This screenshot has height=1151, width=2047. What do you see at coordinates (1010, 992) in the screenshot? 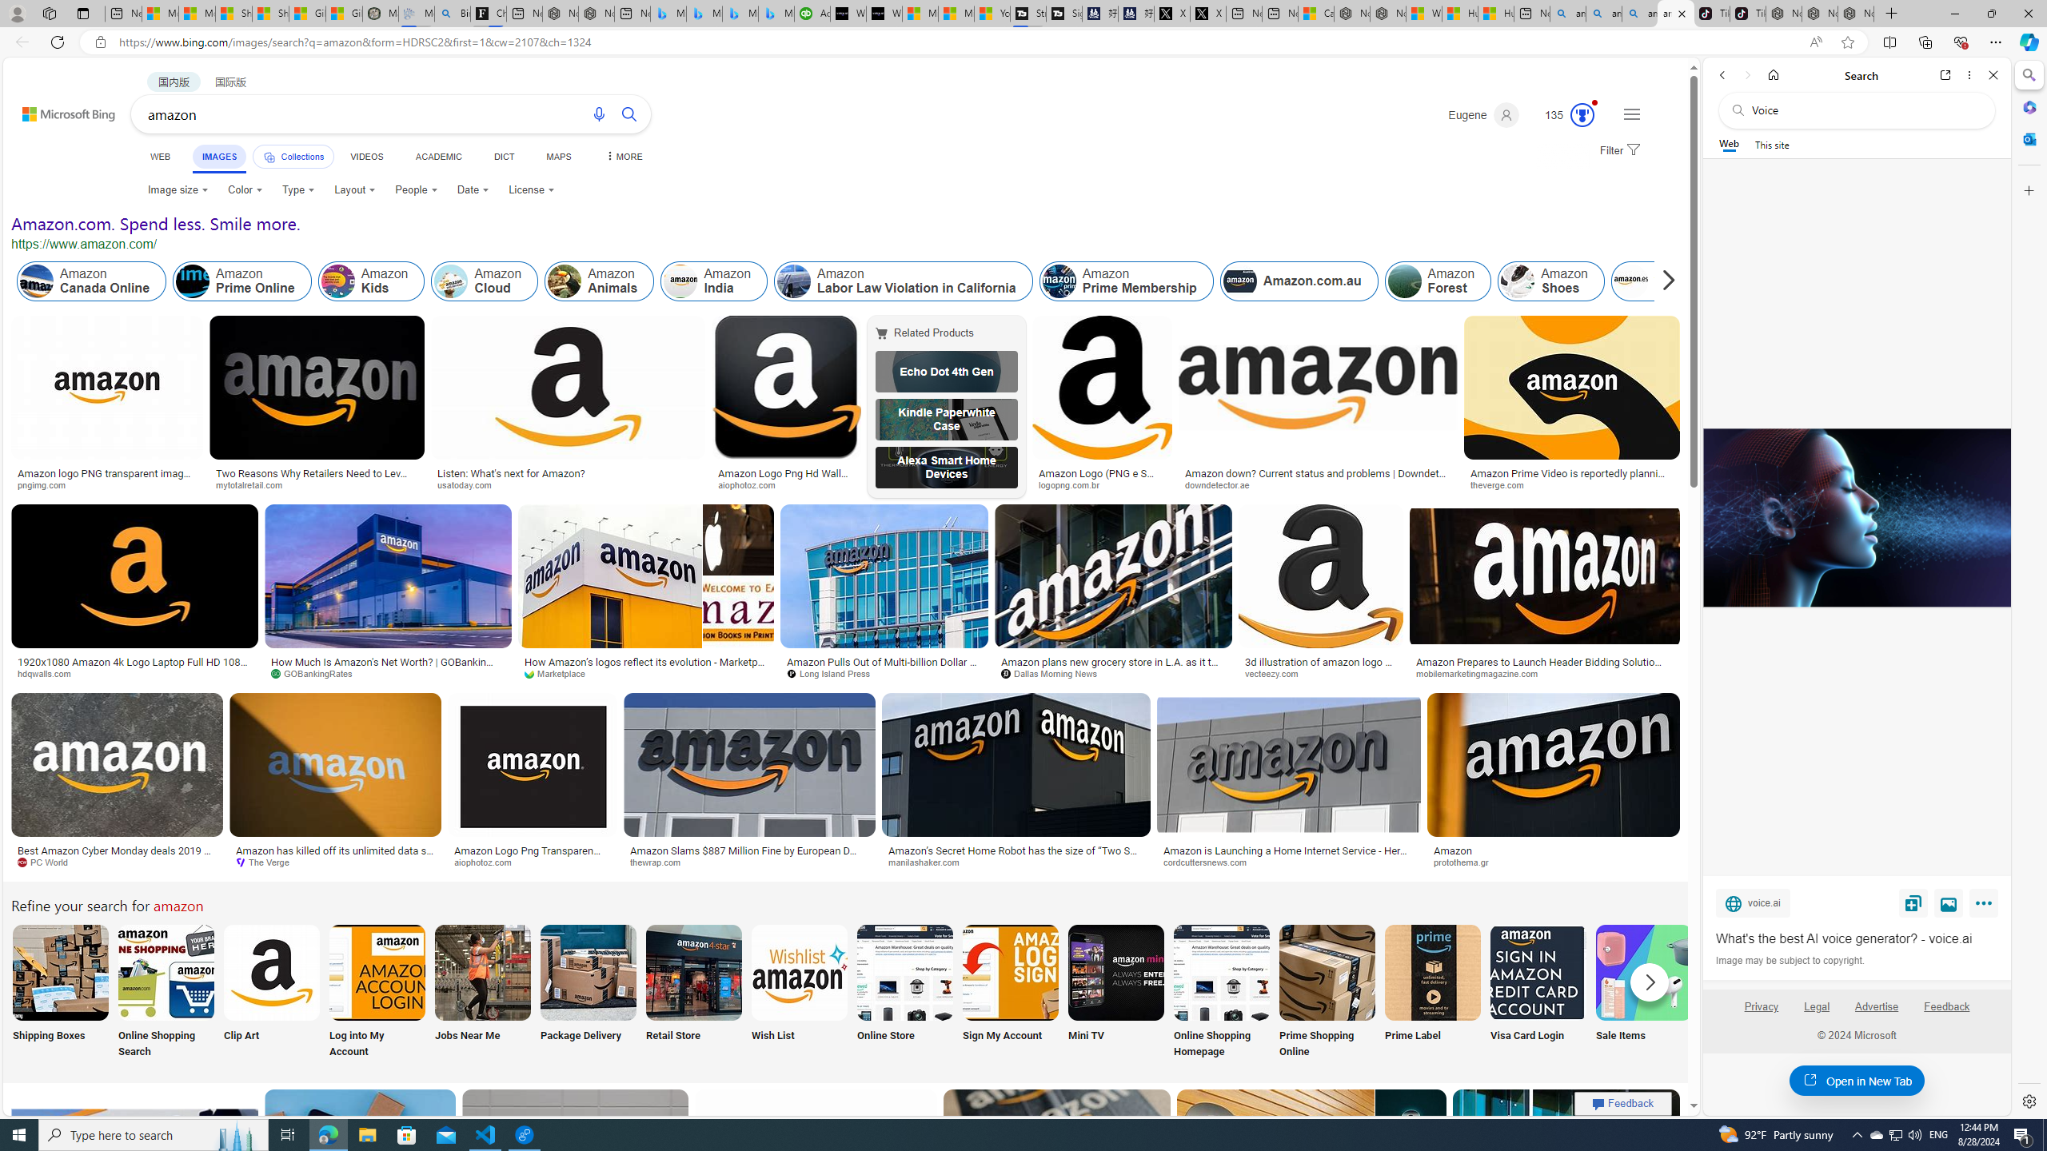
I see `'Amazon Sign in My Account Sign My Account'` at bounding box center [1010, 992].